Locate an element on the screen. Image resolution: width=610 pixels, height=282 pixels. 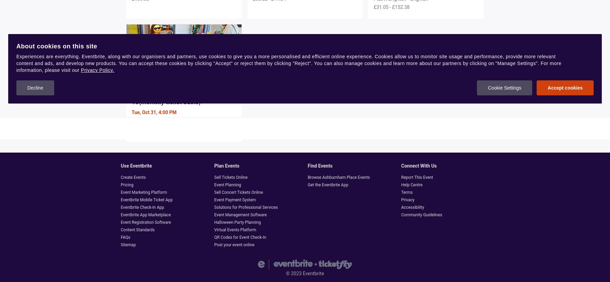
'2023' is located at coordinates (290, 273).